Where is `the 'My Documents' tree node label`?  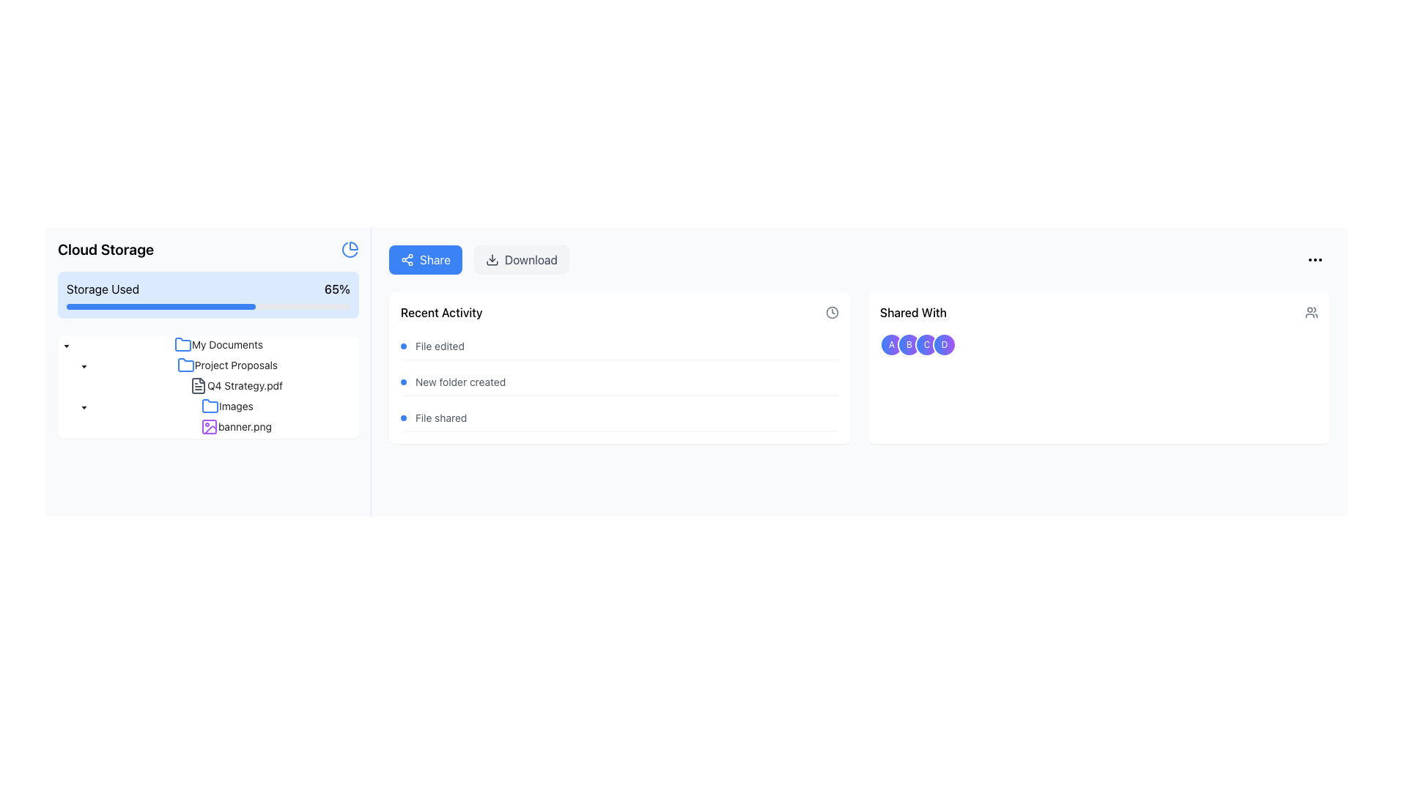
the 'My Documents' tree node label is located at coordinates (226, 344).